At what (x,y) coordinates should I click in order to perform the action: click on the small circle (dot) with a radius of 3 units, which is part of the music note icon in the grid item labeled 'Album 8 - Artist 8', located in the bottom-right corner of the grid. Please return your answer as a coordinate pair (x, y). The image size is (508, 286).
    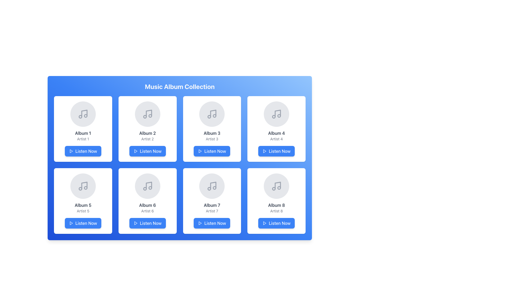
    Looking at the image, I should click on (279, 187).